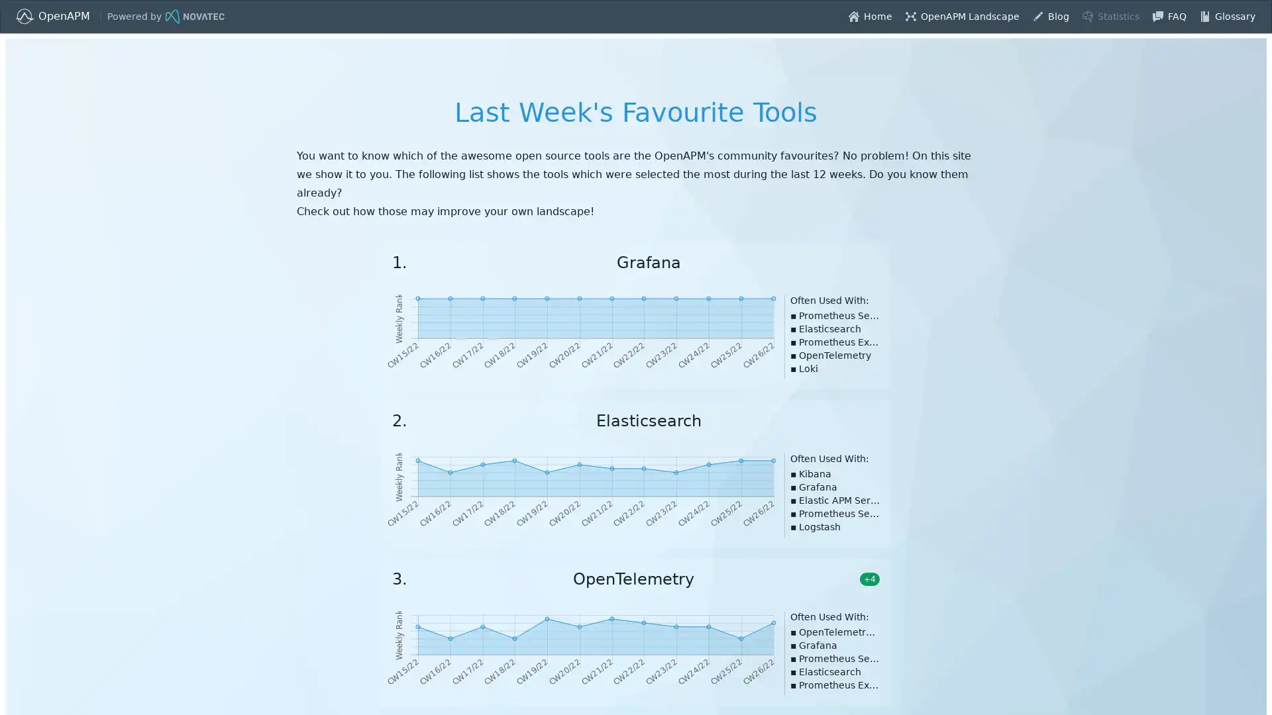  I want to click on edit Blog, so click(1050, 16).